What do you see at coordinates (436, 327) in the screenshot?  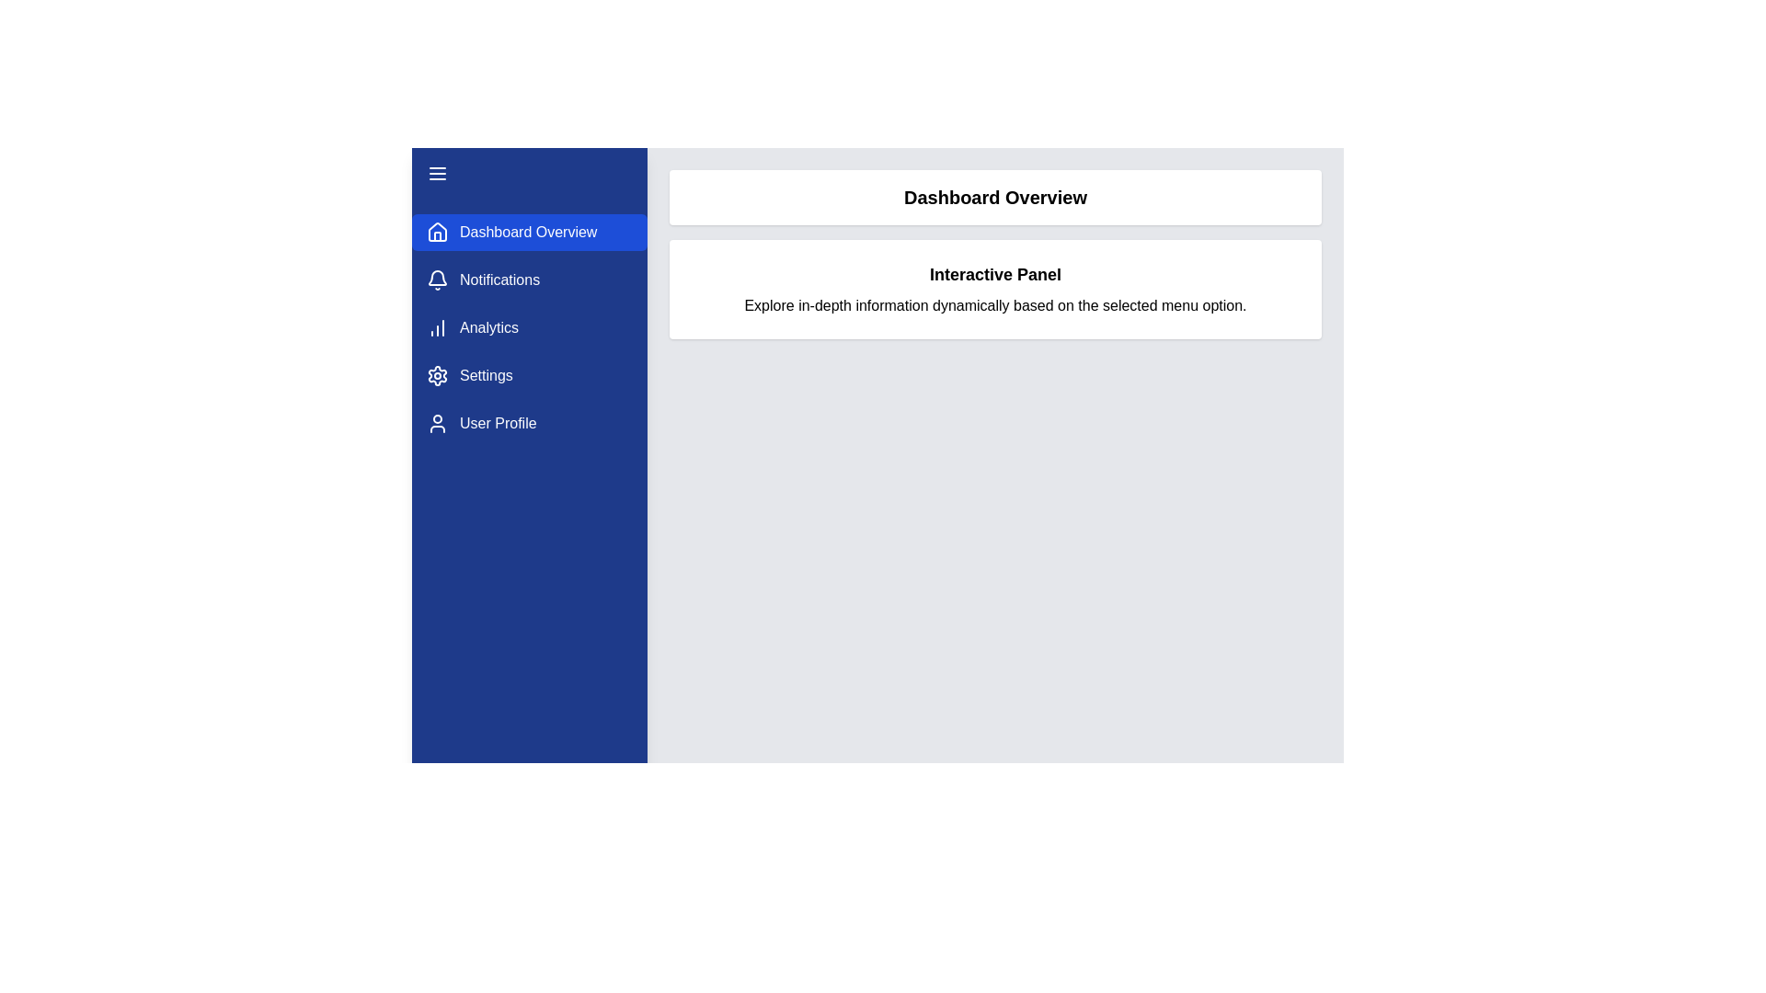 I see `the 'Analytics' icon located in the sidebar menu, which visually represents the 'Analytics' menu item` at bounding box center [436, 327].